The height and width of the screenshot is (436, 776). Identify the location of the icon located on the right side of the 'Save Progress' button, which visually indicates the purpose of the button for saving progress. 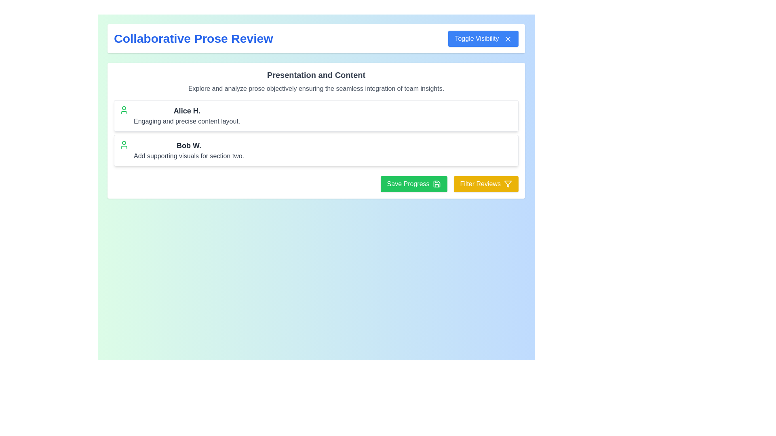
(436, 184).